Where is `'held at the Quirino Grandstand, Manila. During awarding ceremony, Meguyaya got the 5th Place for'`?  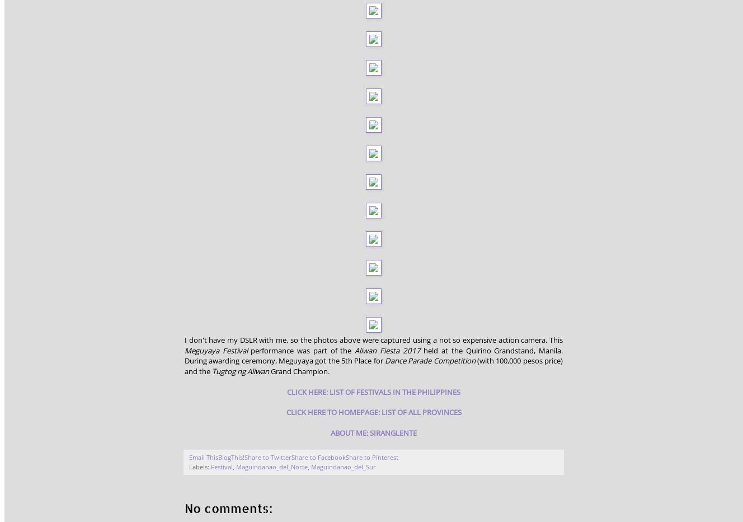 'held at the Quirino Grandstand, Manila. During awarding ceremony, Meguyaya got the 5th Place for' is located at coordinates (373, 355).